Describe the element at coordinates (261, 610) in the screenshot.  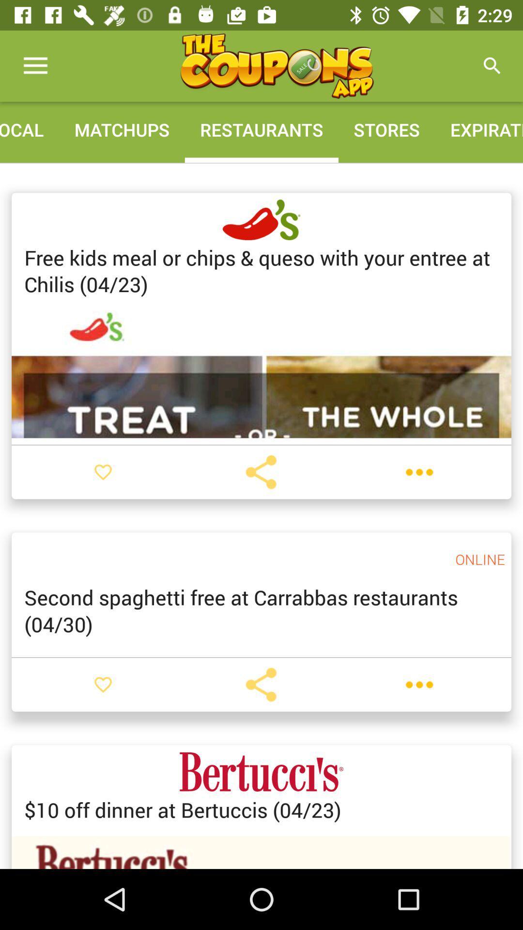
I see `the second spaghetti free item` at that location.